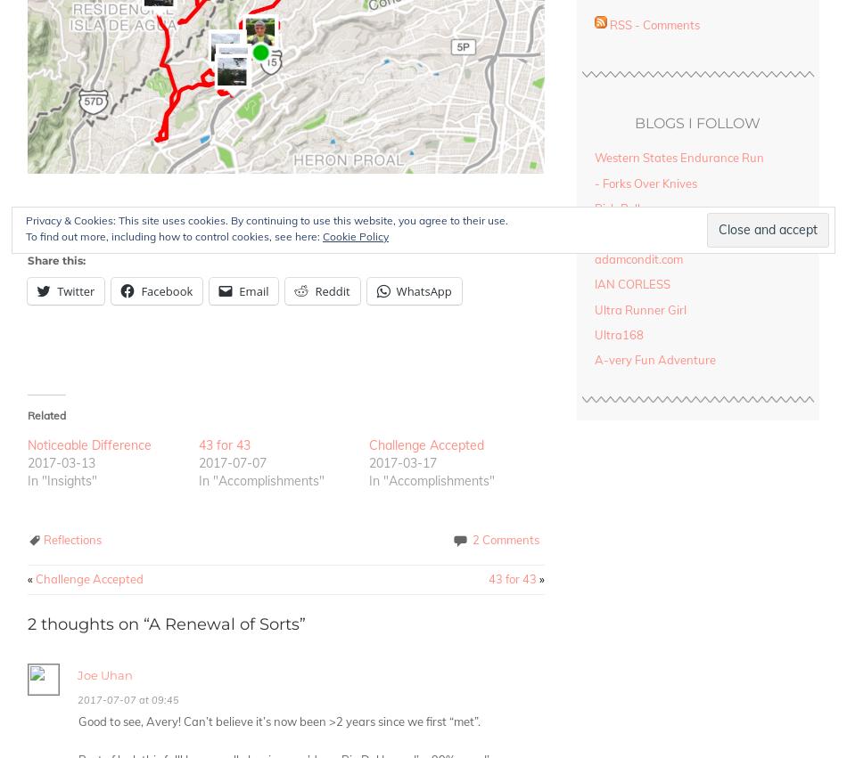  Describe the element at coordinates (355, 235) in the screenshot. I see `'Cookie Policy'` at that location.